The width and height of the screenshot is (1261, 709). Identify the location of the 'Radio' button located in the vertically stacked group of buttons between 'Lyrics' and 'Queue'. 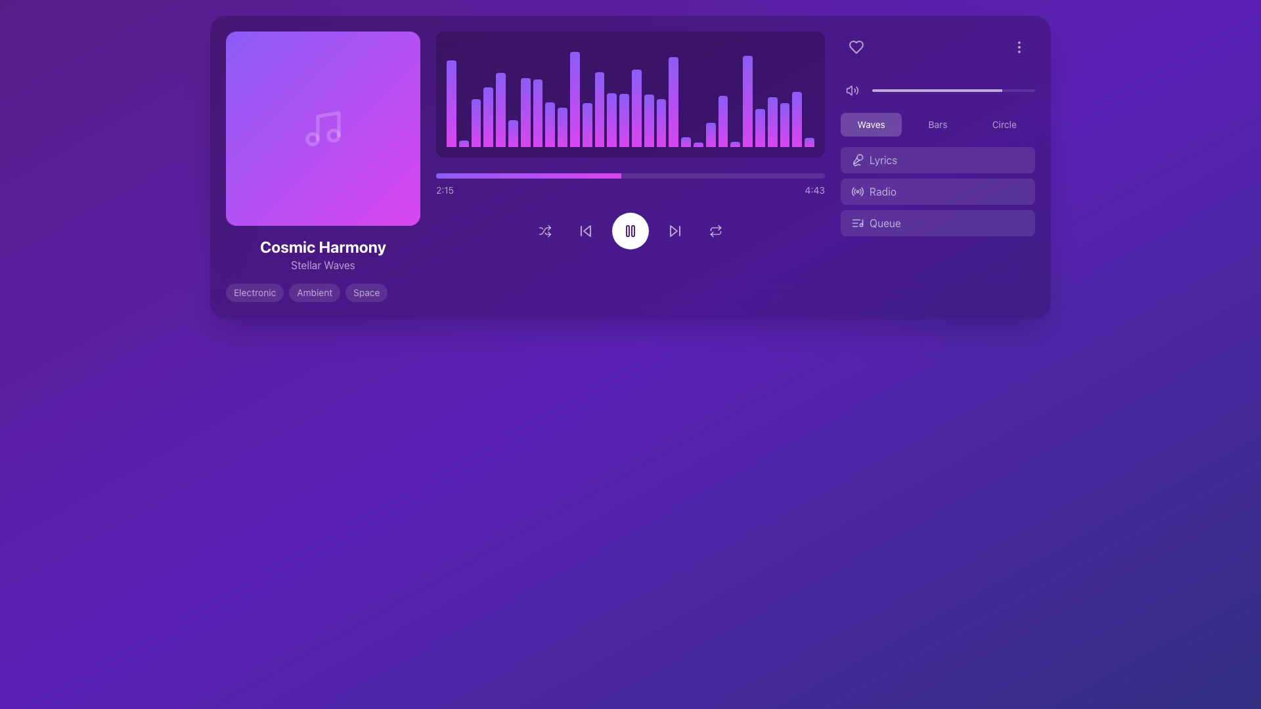
(937, 192).